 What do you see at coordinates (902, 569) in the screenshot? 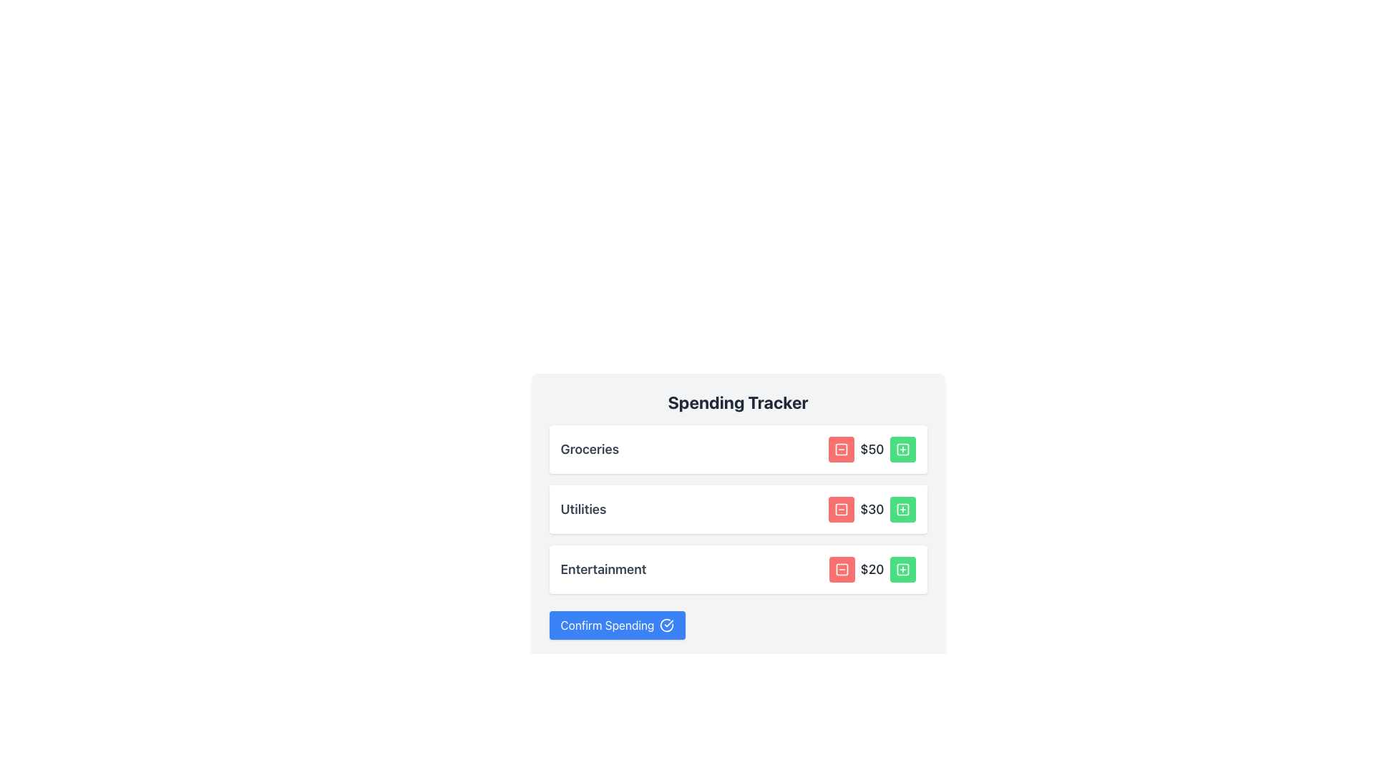
I see `the green rectangular button with rounded corners and an outlined plus sign in the center, located next to the displayed amount ('$20') in the 'Spending Tracker' section` at bounding box center [902, 569].